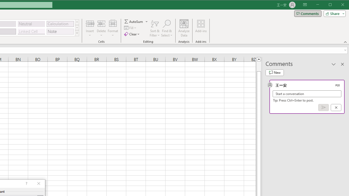 The image size is (349, 196). Describe the element at coordinates (77, 22) in the screenshot. I see `'Row up'` at that location.